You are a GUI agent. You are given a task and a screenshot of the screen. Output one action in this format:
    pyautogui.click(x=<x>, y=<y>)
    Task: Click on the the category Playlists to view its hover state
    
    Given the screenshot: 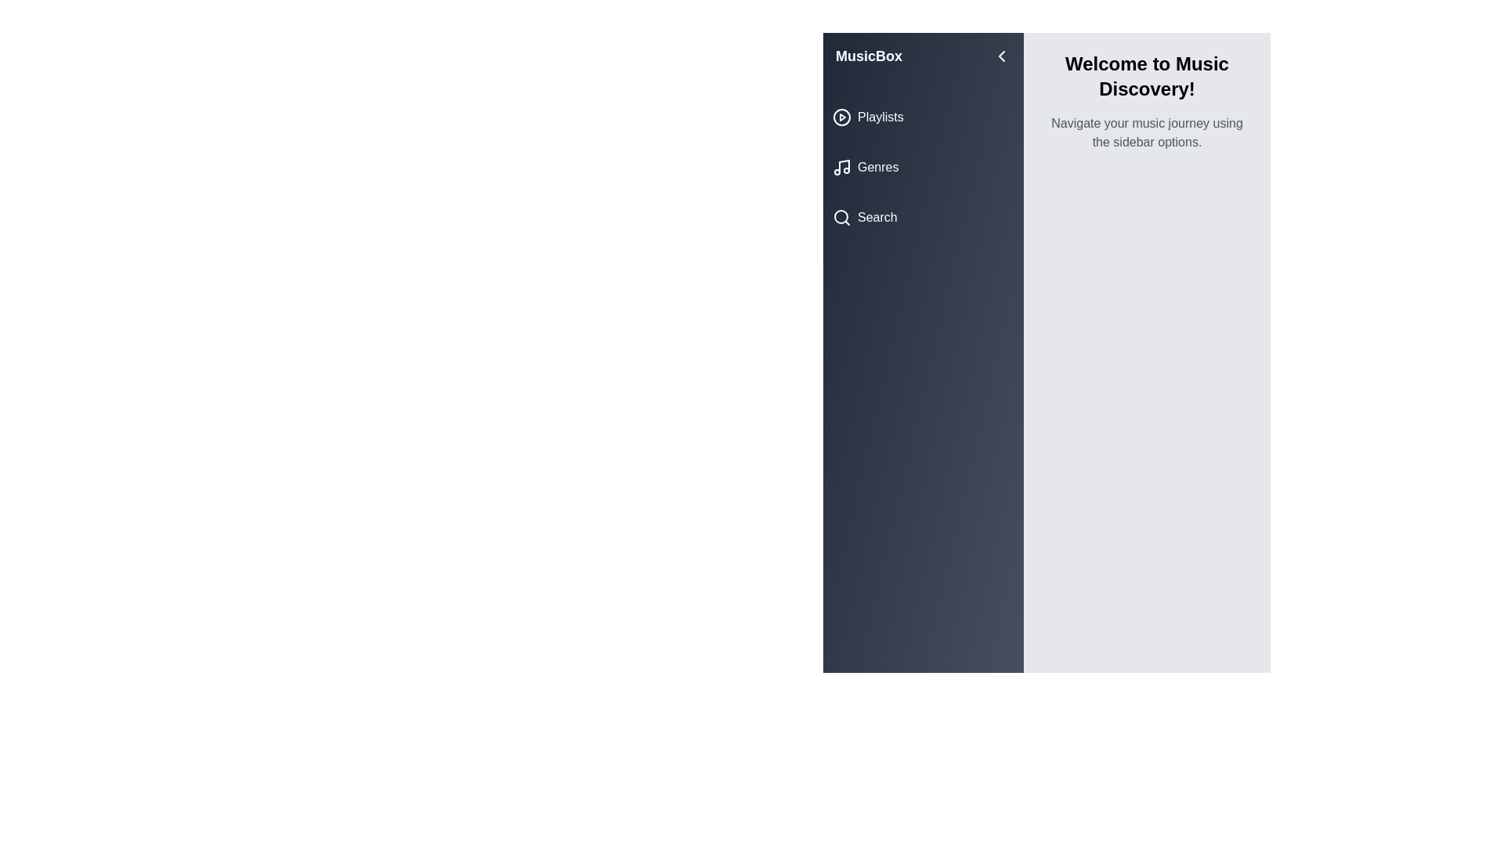 What is the action you would take?
    pyautogui.click(x=924, y=117)
    